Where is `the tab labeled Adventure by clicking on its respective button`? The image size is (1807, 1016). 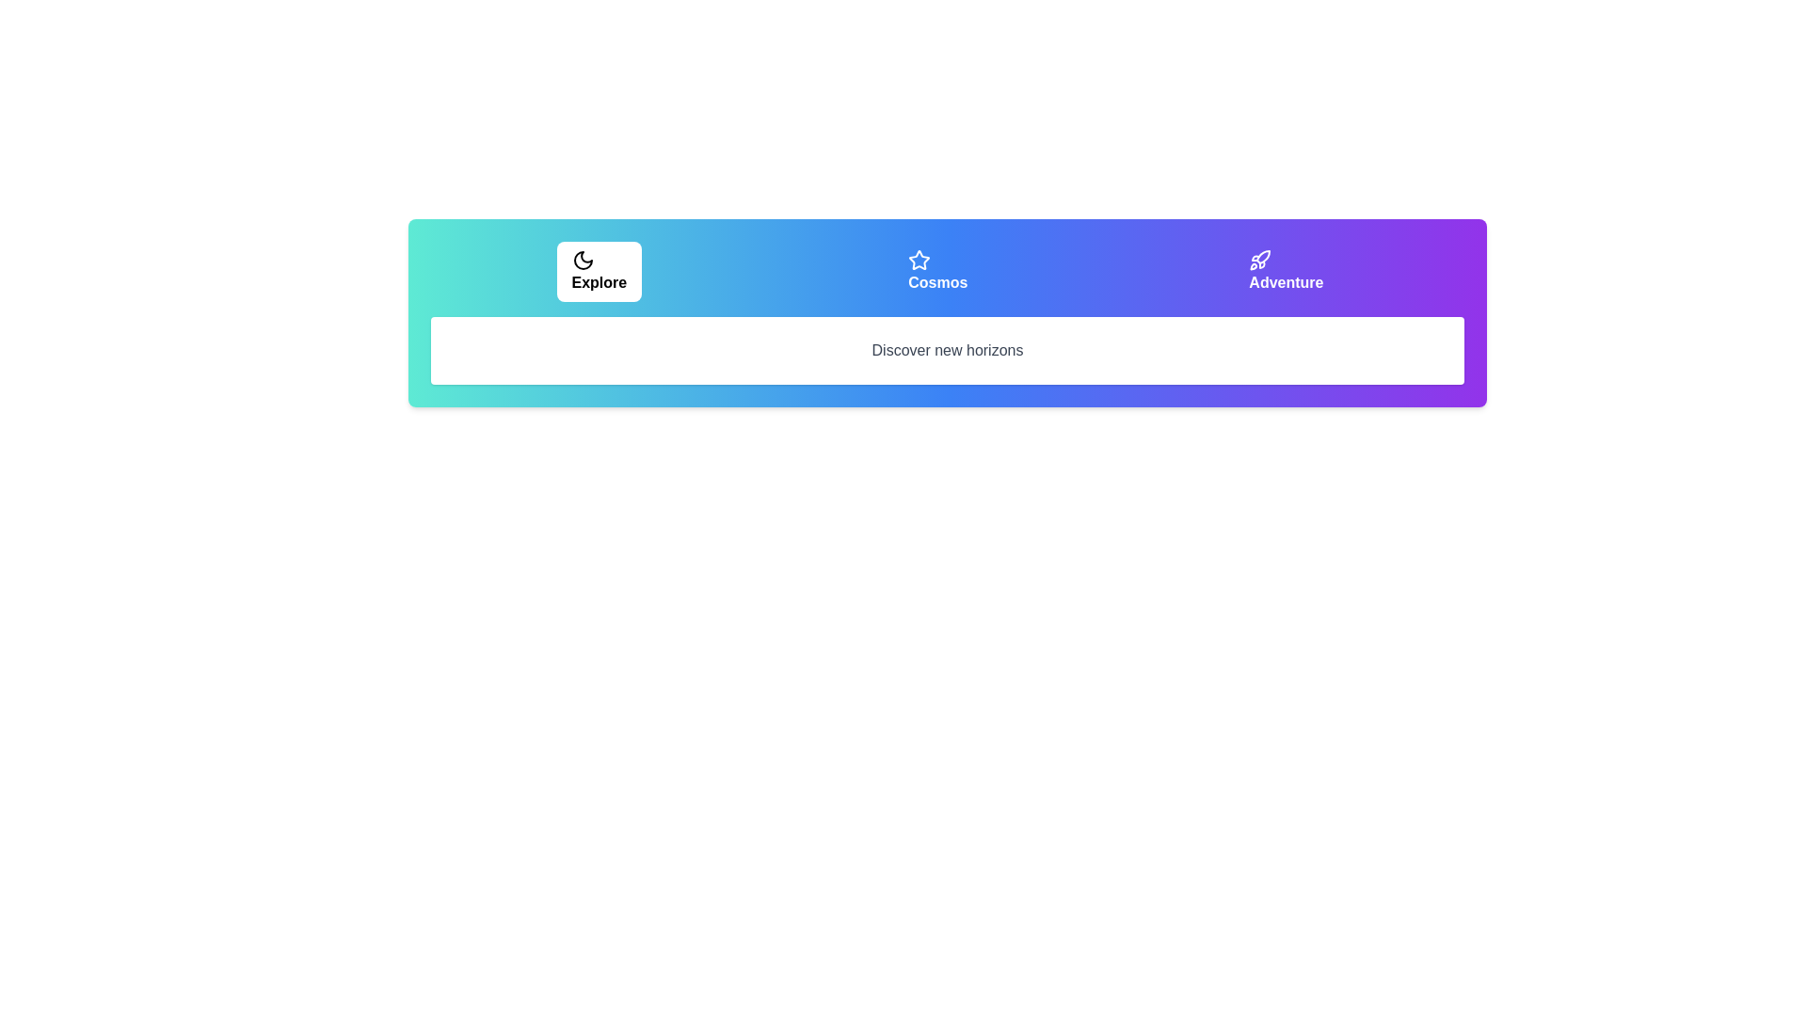
the tab labeled Adventure by clicking on its respective button is located at coordinates (1285, 272).